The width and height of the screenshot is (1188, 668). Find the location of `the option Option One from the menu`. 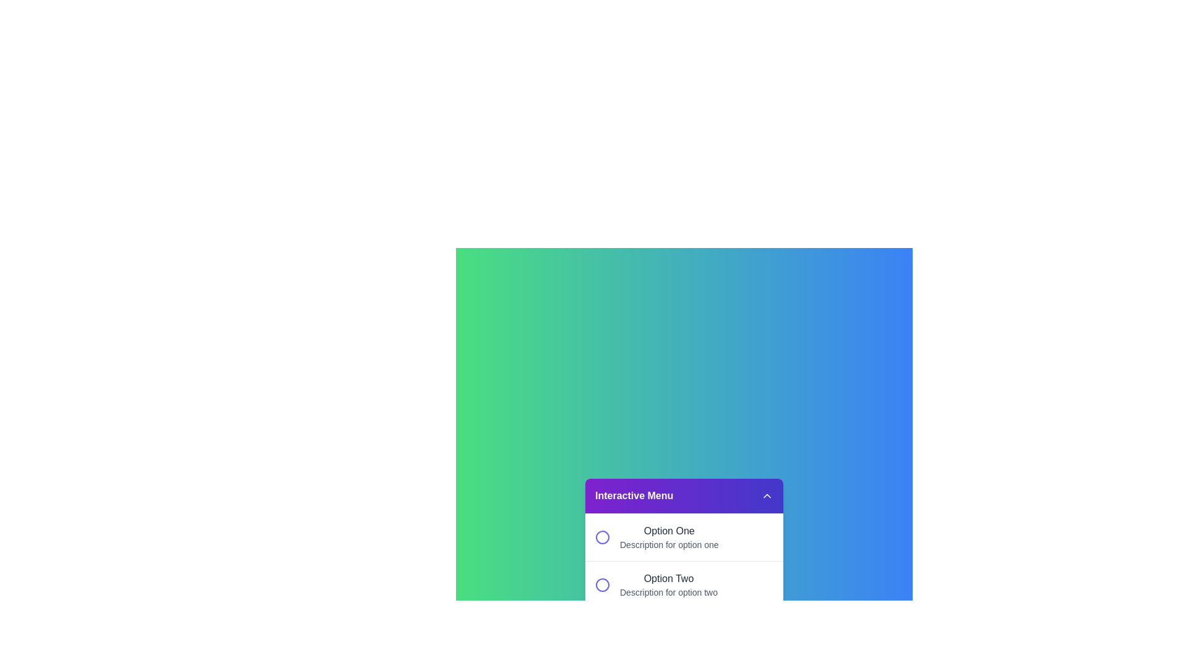

the option Option One from the menu is located at coordinates (683, 536).